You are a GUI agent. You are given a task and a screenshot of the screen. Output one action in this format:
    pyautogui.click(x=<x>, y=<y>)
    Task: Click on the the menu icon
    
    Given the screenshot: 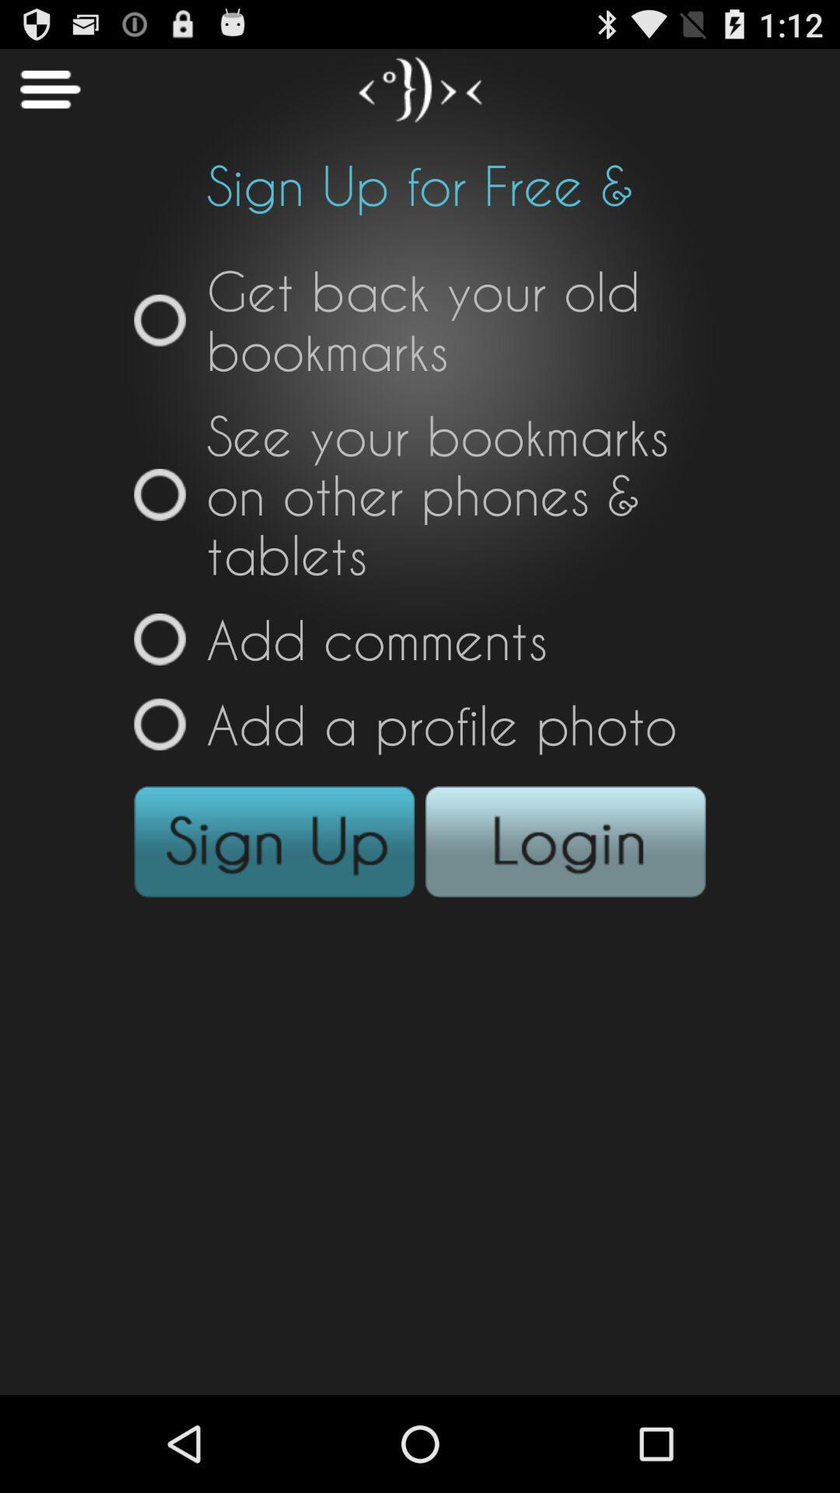 What is the action you would take?
    pyautogui.click(x=39, y=95)
    